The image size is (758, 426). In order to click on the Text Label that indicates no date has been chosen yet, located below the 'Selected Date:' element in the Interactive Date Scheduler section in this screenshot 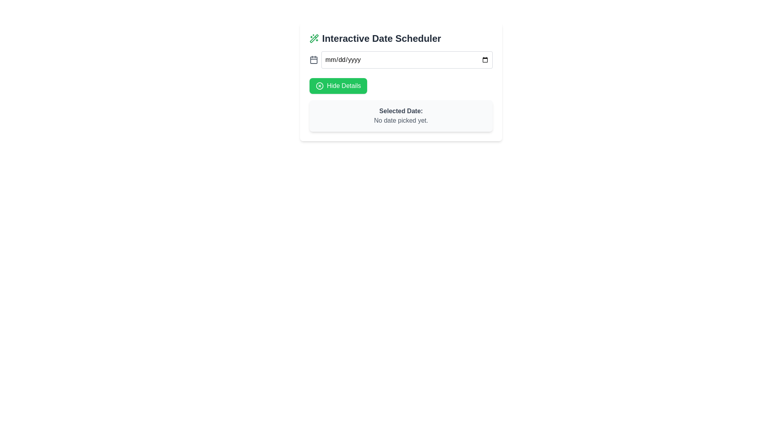, I will do `click(401, 120)`.